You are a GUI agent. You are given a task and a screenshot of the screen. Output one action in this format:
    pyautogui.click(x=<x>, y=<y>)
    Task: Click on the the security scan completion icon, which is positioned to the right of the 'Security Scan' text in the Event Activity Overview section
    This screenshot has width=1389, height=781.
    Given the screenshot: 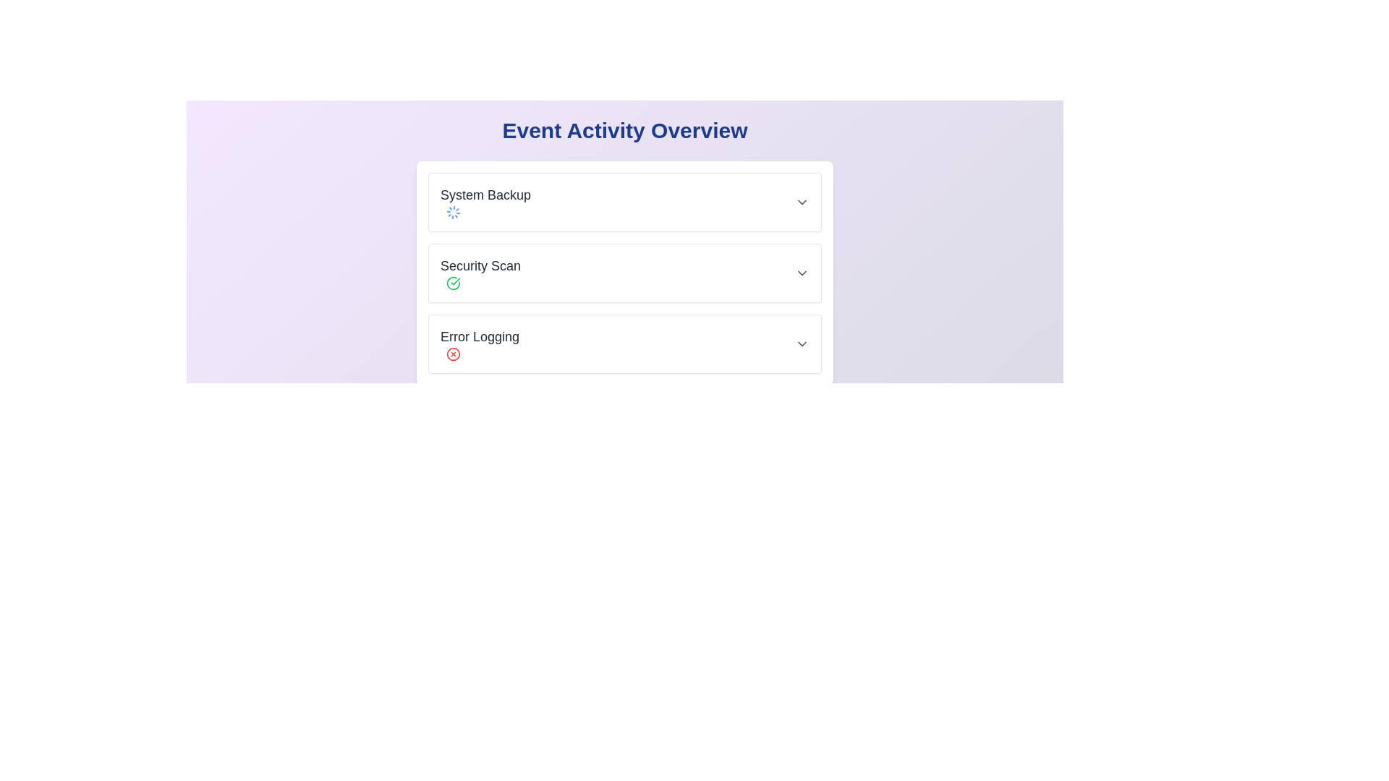 What is the action you would take?
    pyautogui.click(x=453, y=283)
    